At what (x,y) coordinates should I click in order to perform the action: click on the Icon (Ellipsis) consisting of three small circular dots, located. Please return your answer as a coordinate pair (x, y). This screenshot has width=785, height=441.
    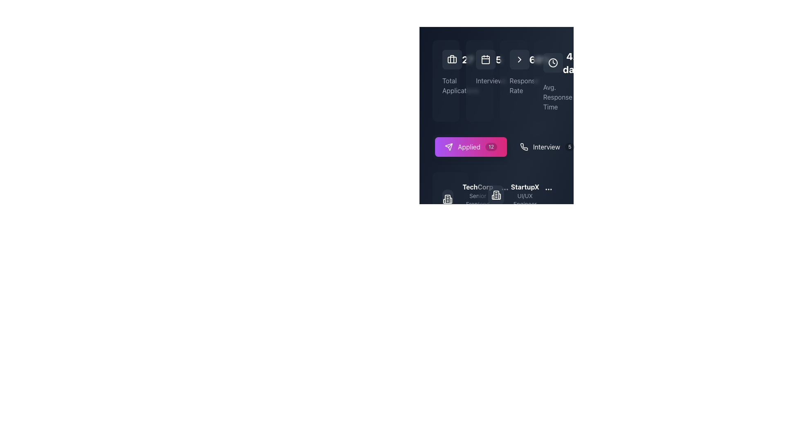
    Looking at the image, I should click on (504, 189).